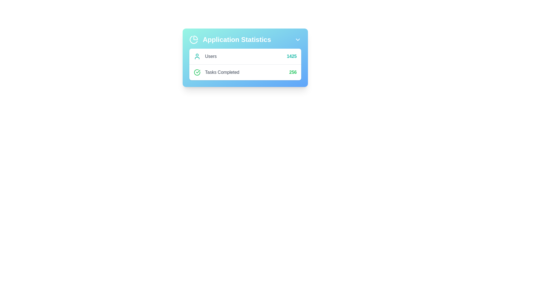 This screenshot has width=537, height=302. What do you see at coordinates (194, 39) in the screenshot?
I see `the pie chart icon representing statistical data in the 'Application Statistics' header, located at the top-left corner as the first item among its siblings` at bounding box center [194, 39].